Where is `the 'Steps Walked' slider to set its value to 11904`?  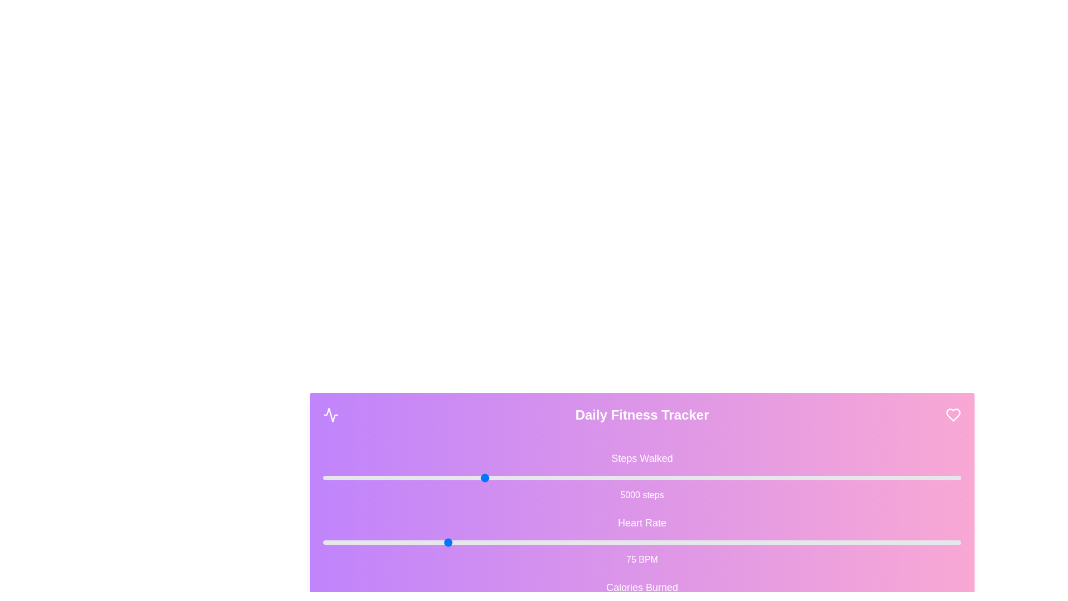 the 'Steps Walked' slider to set its value to 11904 is located at coordinates (702, 477).